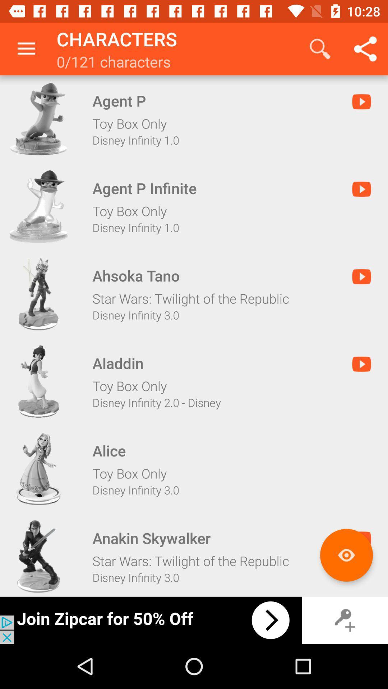 This screenshot has height=689, width=388. Describe the element at coordinates (38, 556) in the screenshot. I see `character` at that location.